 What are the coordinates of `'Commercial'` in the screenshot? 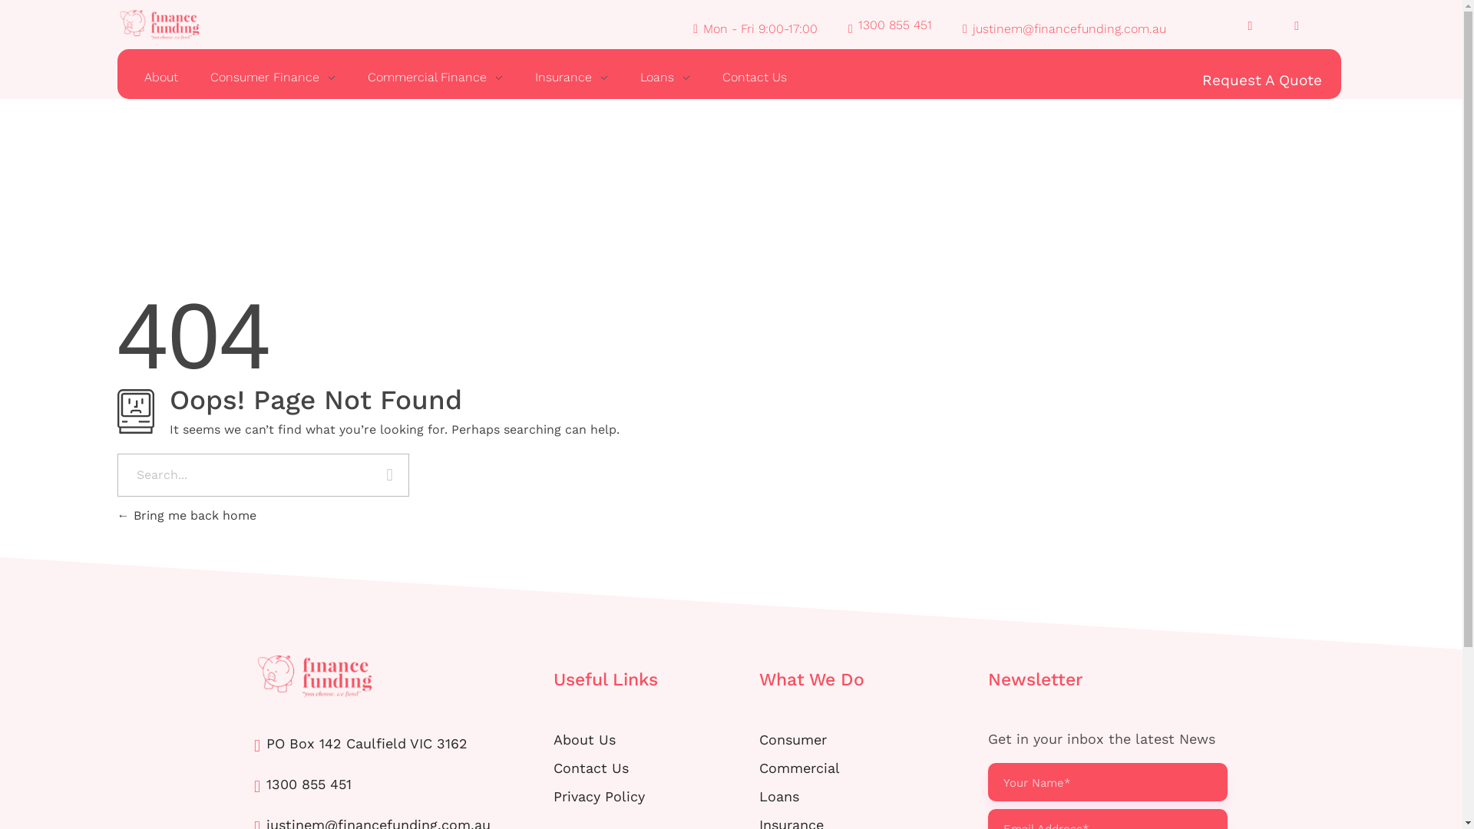 It's located at (798, 768).